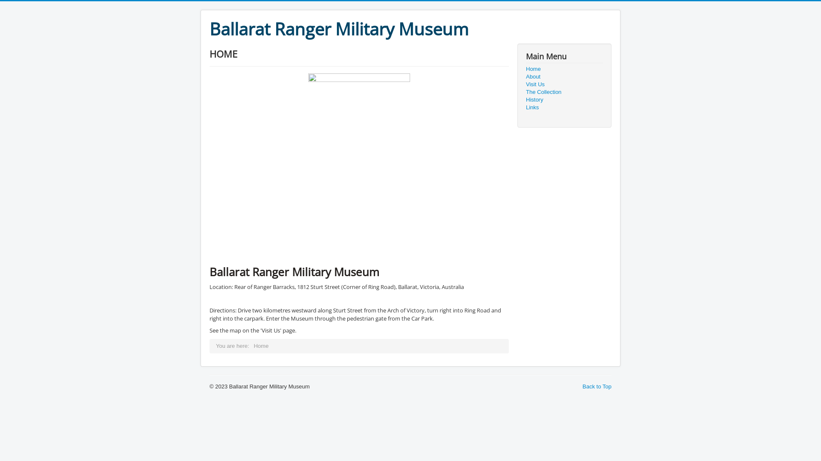 This screenshot has height=461, width=821. What do you see at coordinates (564, 99) in the screenshot?
I see `'History'` at bounding box center [564, 99].